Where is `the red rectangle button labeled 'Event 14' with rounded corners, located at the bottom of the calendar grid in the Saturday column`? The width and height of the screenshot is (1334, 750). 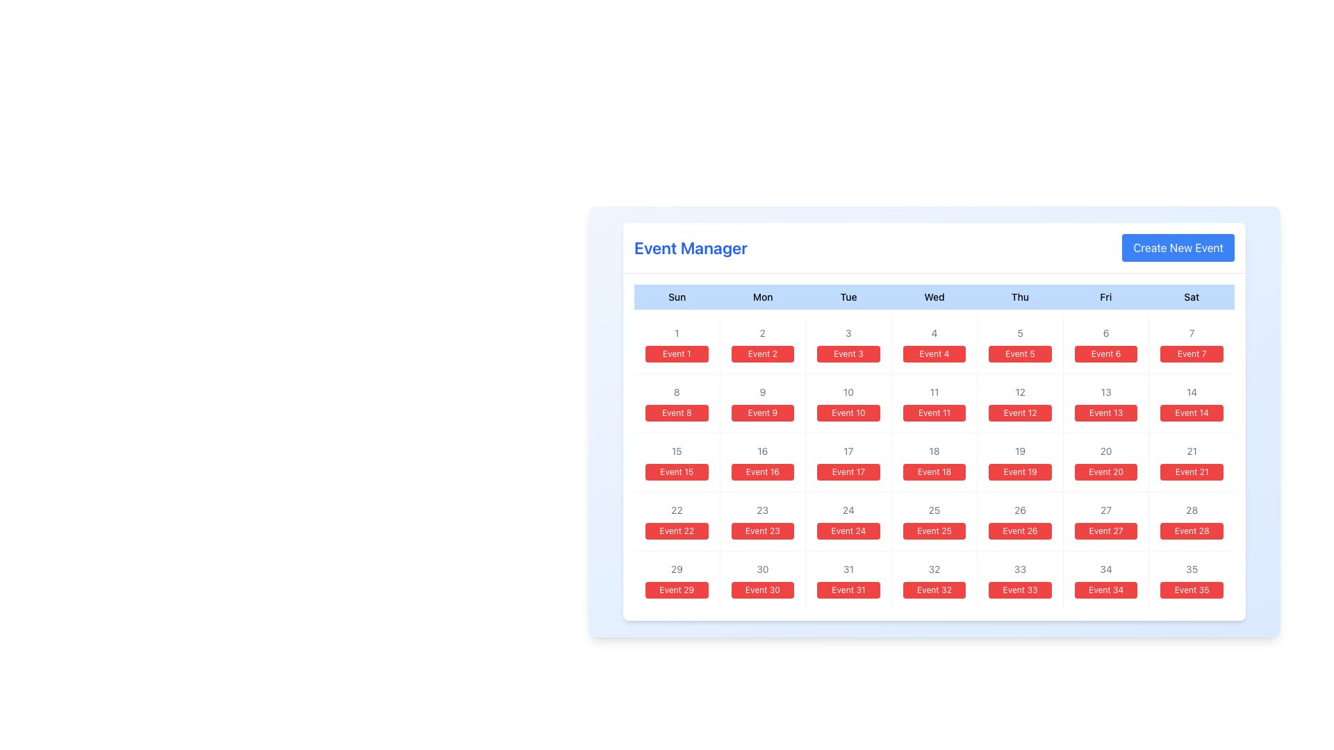 the red rectangle button labeled 'Event 14' with rounded corners, located at the bottom of the calendar grid in the Saturday column is located at coordinates (1191, 412).